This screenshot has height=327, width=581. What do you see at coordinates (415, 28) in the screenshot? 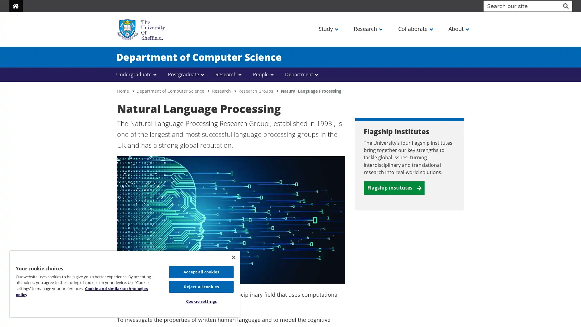
I see `Collaborate` at bounding box center [415, 28].